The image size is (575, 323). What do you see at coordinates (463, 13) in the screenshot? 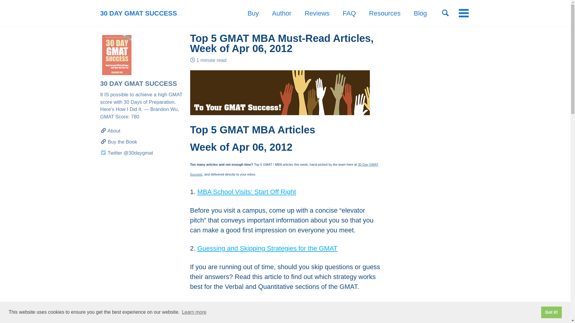
I see `'Toggle Menu'` at bounding box center [463, 13].